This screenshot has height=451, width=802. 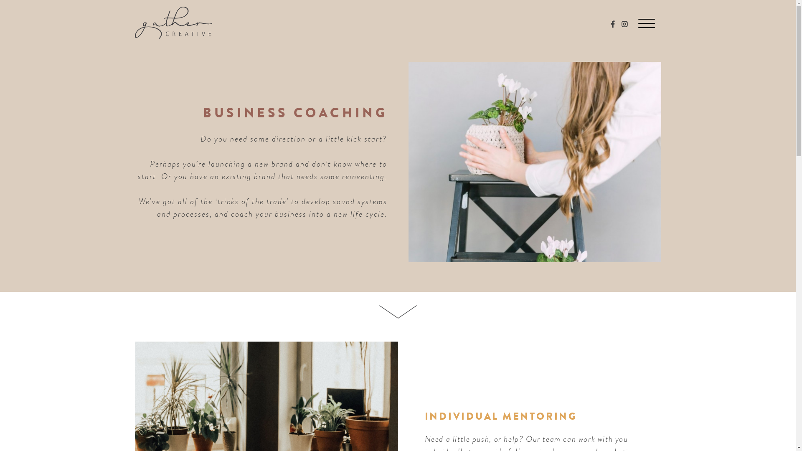 I want to click on 'Follow us on Instagram', so click(x=622, y=24).